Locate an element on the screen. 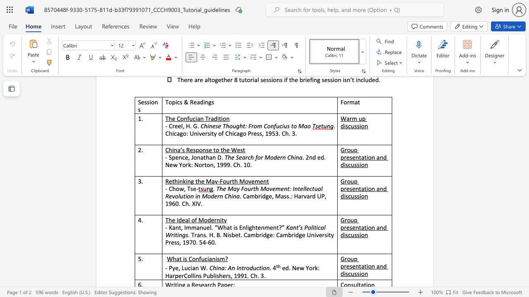  the subset text "W." within the text "- Pye, Lucian W." is located at coordinates (200, 268).